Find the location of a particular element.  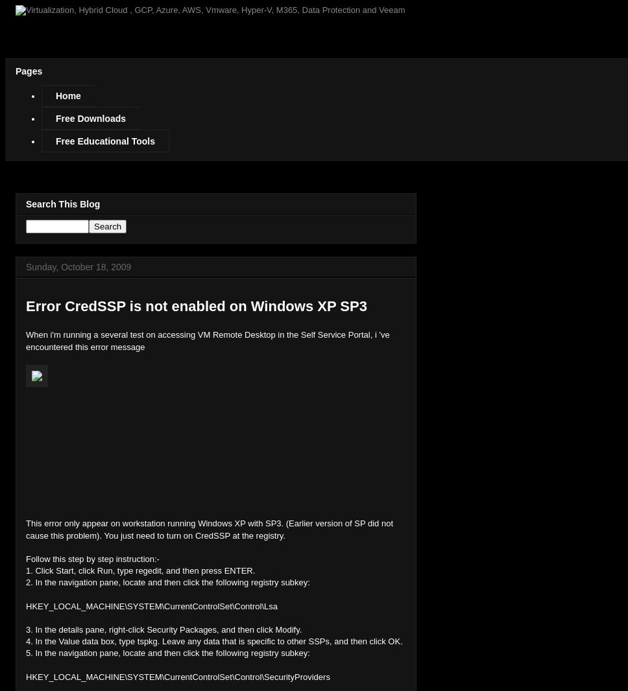

'HKEY_LOCAL_MACHINE\SYSTEM\CurrentControlSet\Control\SecurityProviders' is located at coordinates (178, 676).